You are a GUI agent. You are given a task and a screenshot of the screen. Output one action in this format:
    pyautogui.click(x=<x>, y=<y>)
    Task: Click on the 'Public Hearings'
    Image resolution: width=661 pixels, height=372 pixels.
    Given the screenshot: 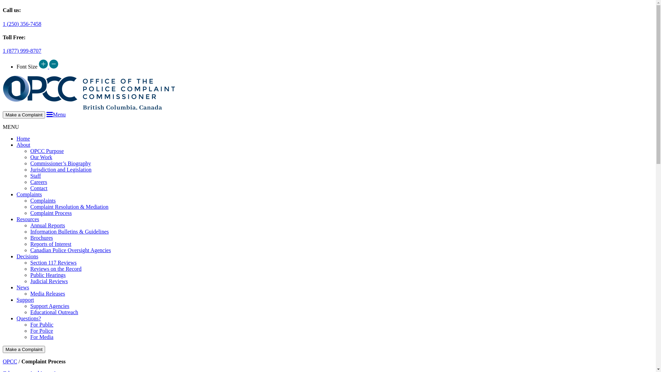 What is the action you would take?
    pyautogui.click(x=48, y=275)
    